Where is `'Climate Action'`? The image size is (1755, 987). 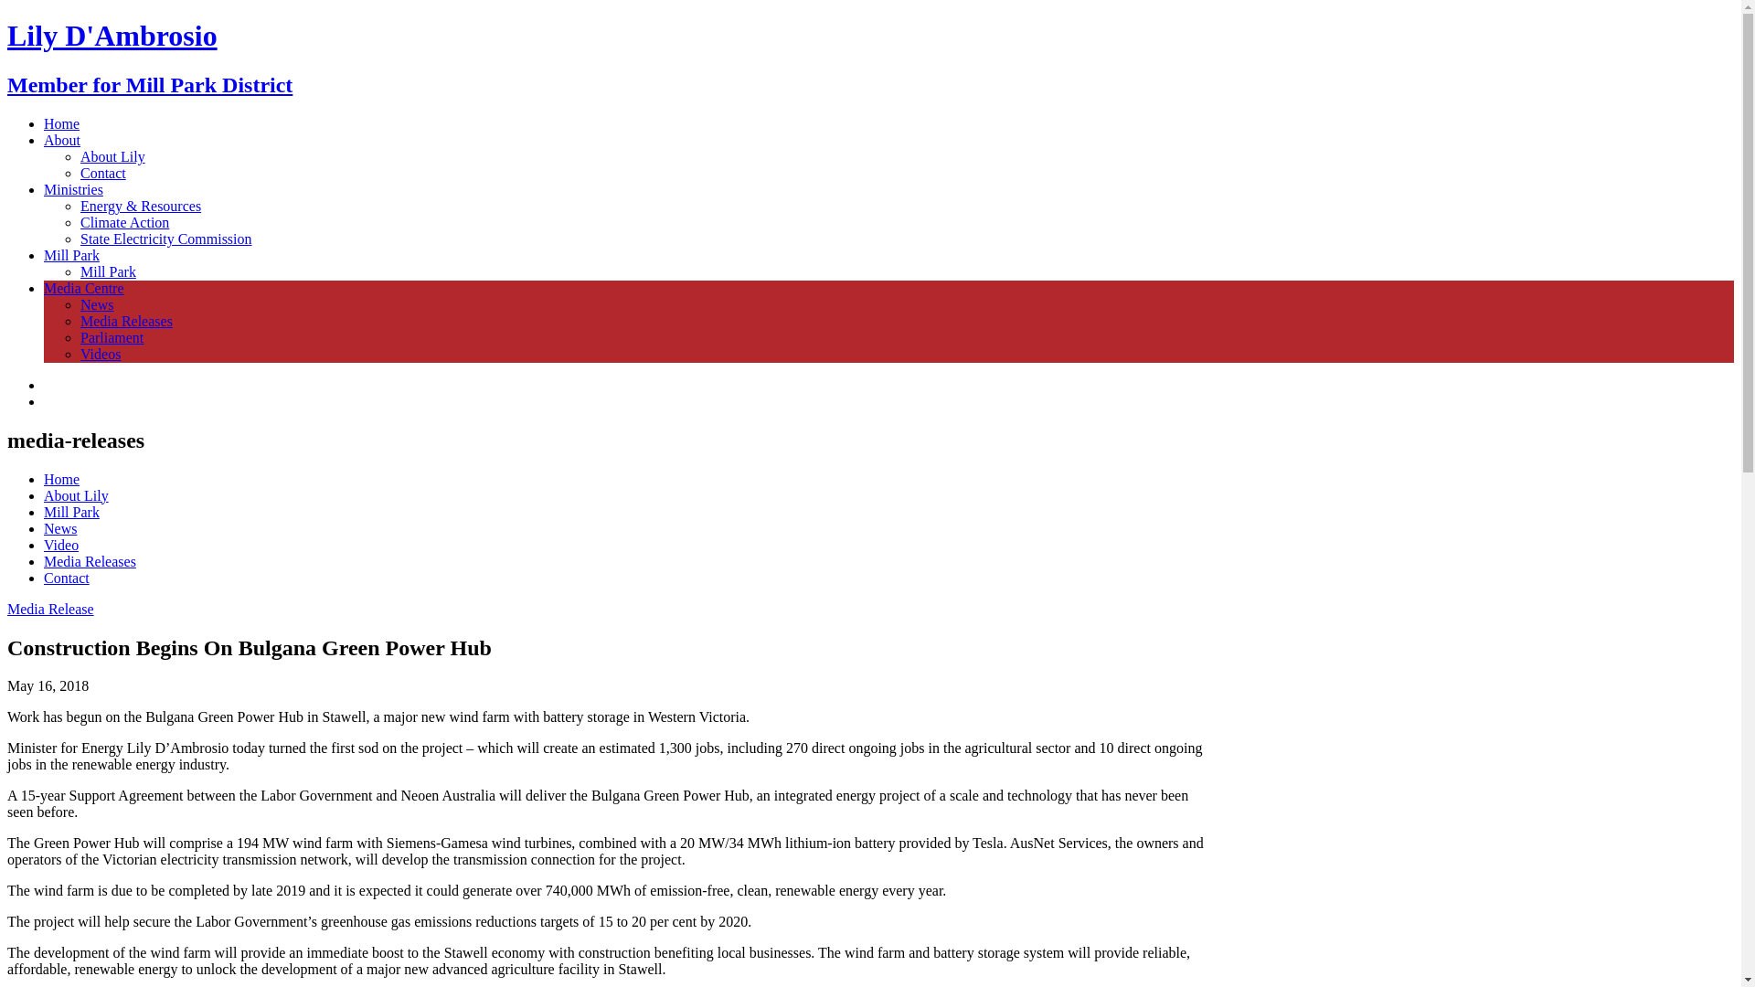 'Climate Action' is located at coordinates (123, 221).